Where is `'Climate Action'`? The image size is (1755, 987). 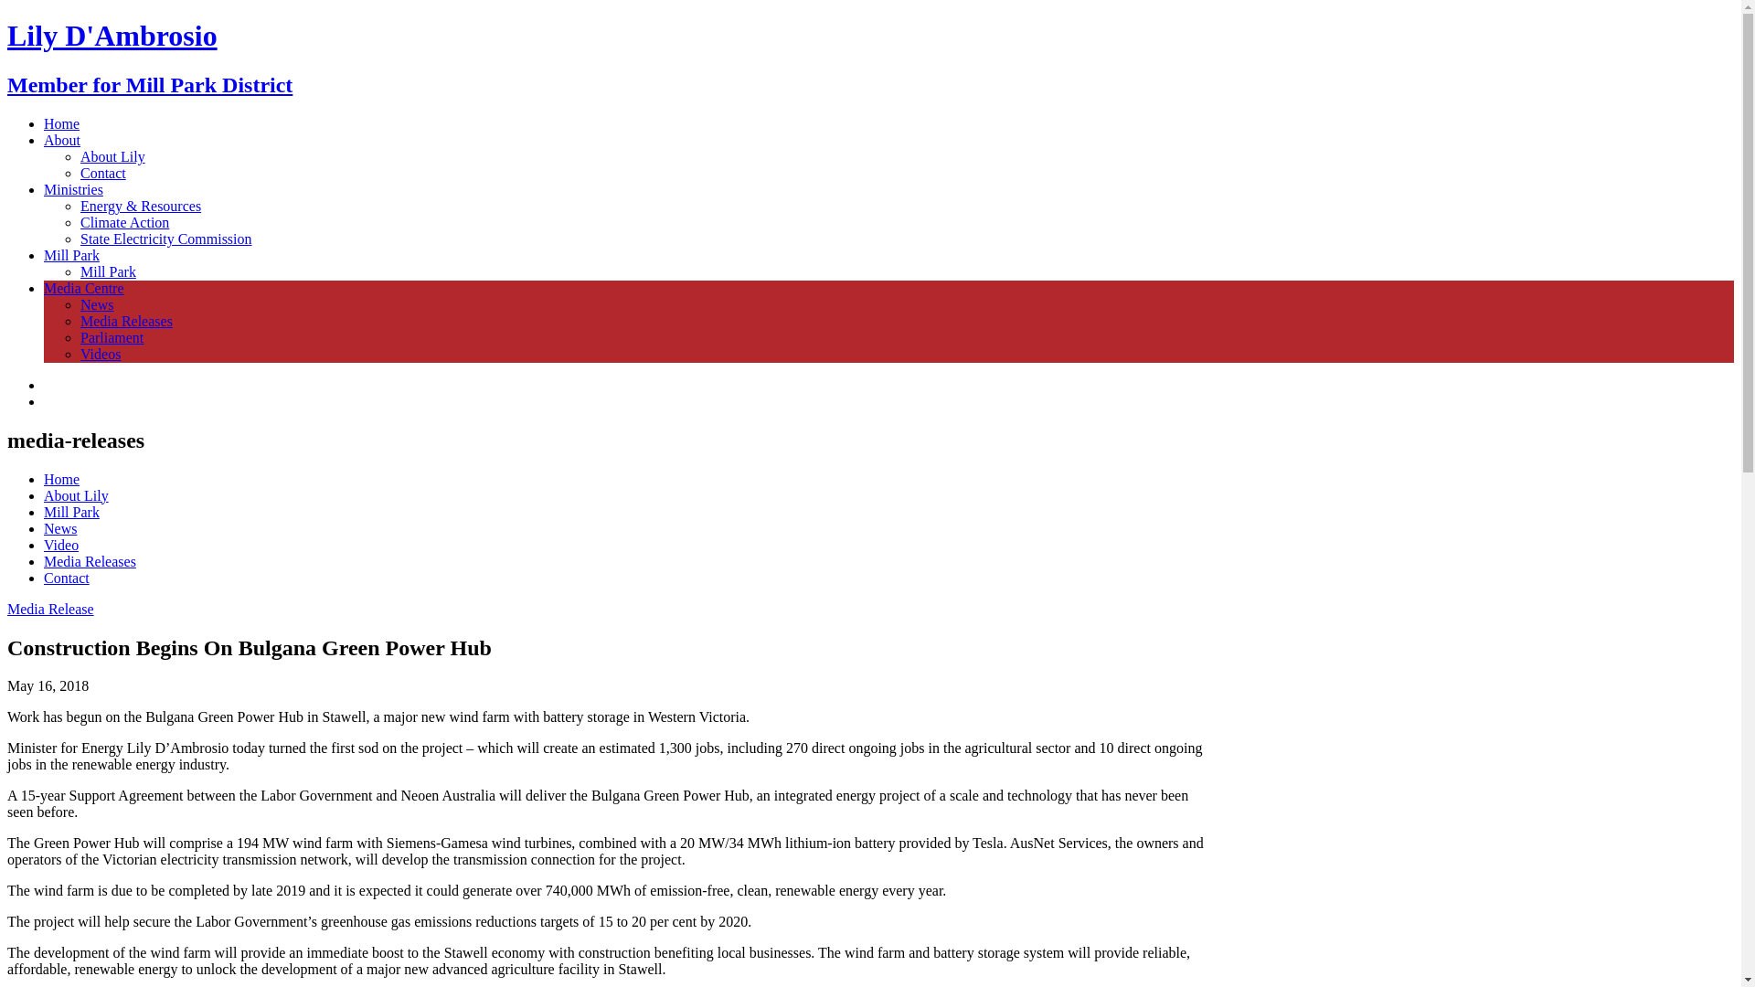 'Climate Action' is located at coordinates (123, 221).